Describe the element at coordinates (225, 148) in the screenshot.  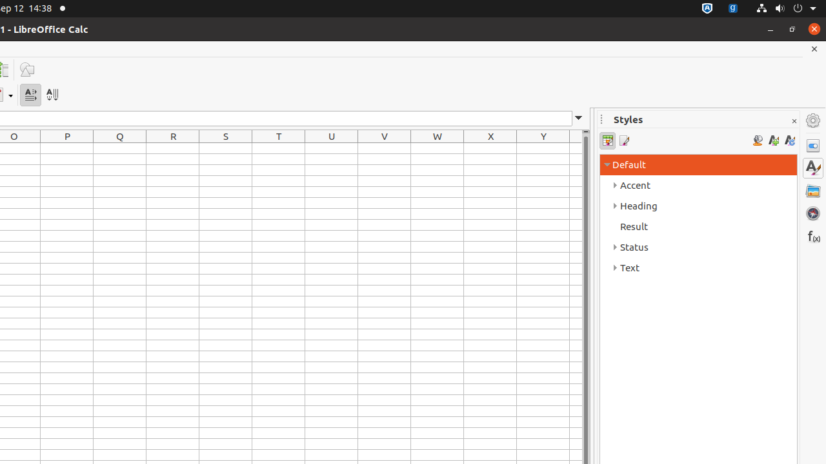
I see `'S1'` at that location.